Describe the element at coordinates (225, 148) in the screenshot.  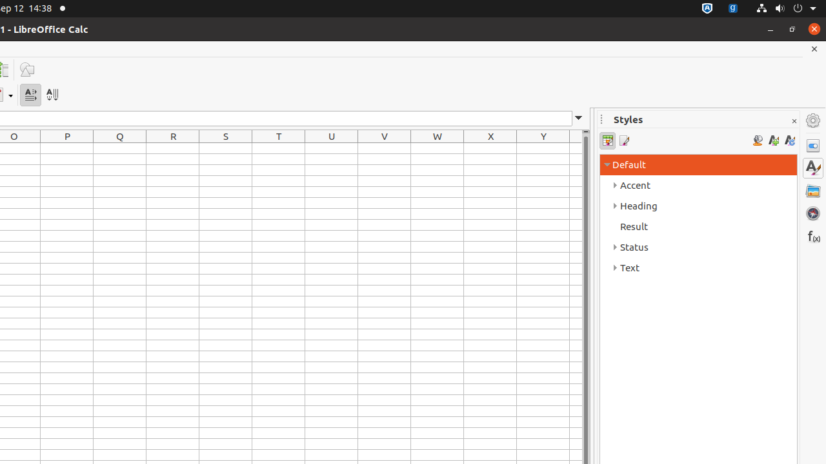
I see `'S1'` at that location.